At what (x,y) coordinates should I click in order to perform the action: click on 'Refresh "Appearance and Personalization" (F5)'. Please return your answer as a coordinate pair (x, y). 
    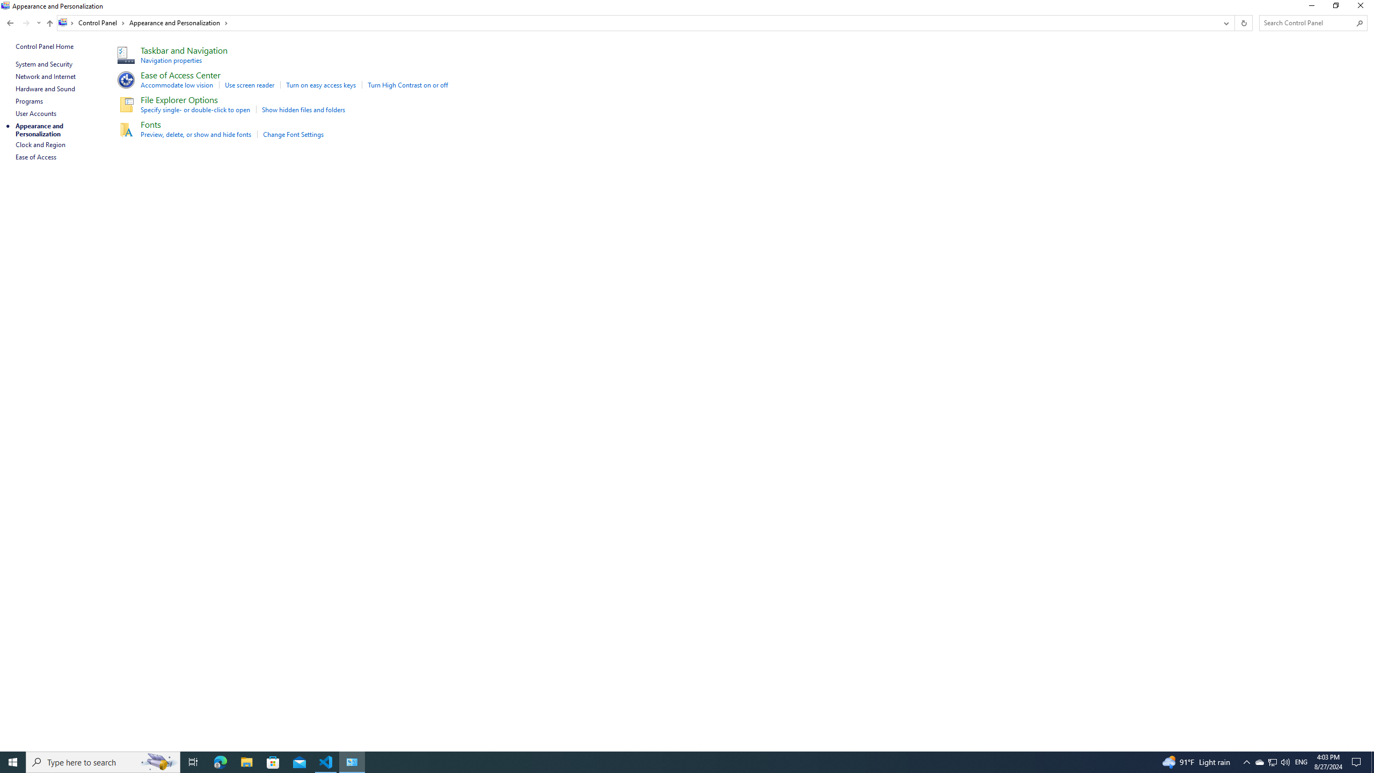
    Looking at the image, I should click on (1243, 23).